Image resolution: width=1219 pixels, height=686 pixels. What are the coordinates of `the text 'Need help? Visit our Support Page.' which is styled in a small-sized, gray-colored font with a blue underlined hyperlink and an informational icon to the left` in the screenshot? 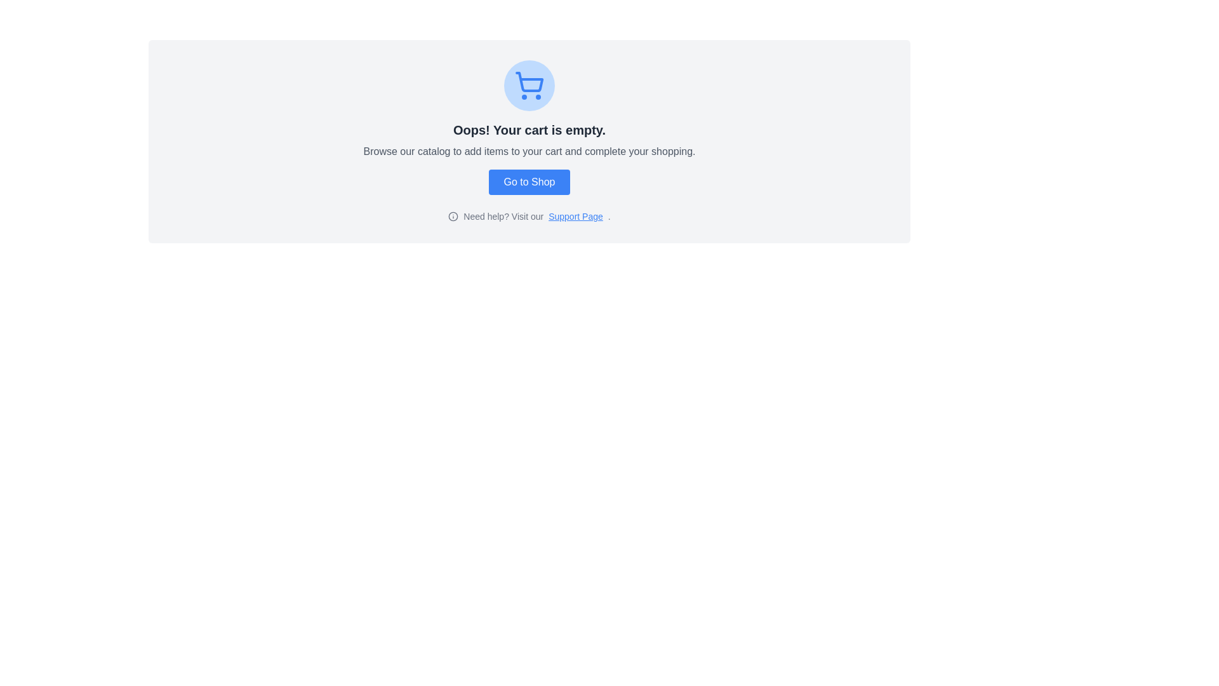 It's located at (530, 215).